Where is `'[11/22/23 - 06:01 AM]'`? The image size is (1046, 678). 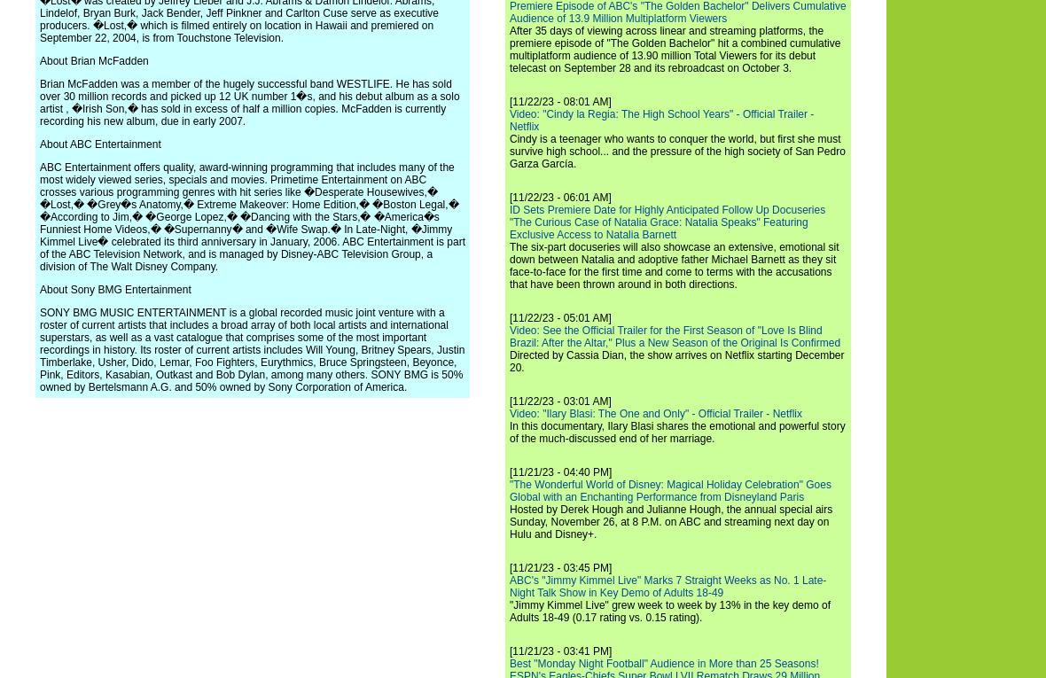
'[11/22/23 - 06:01 AM]' is located at coordinates (510, 197).